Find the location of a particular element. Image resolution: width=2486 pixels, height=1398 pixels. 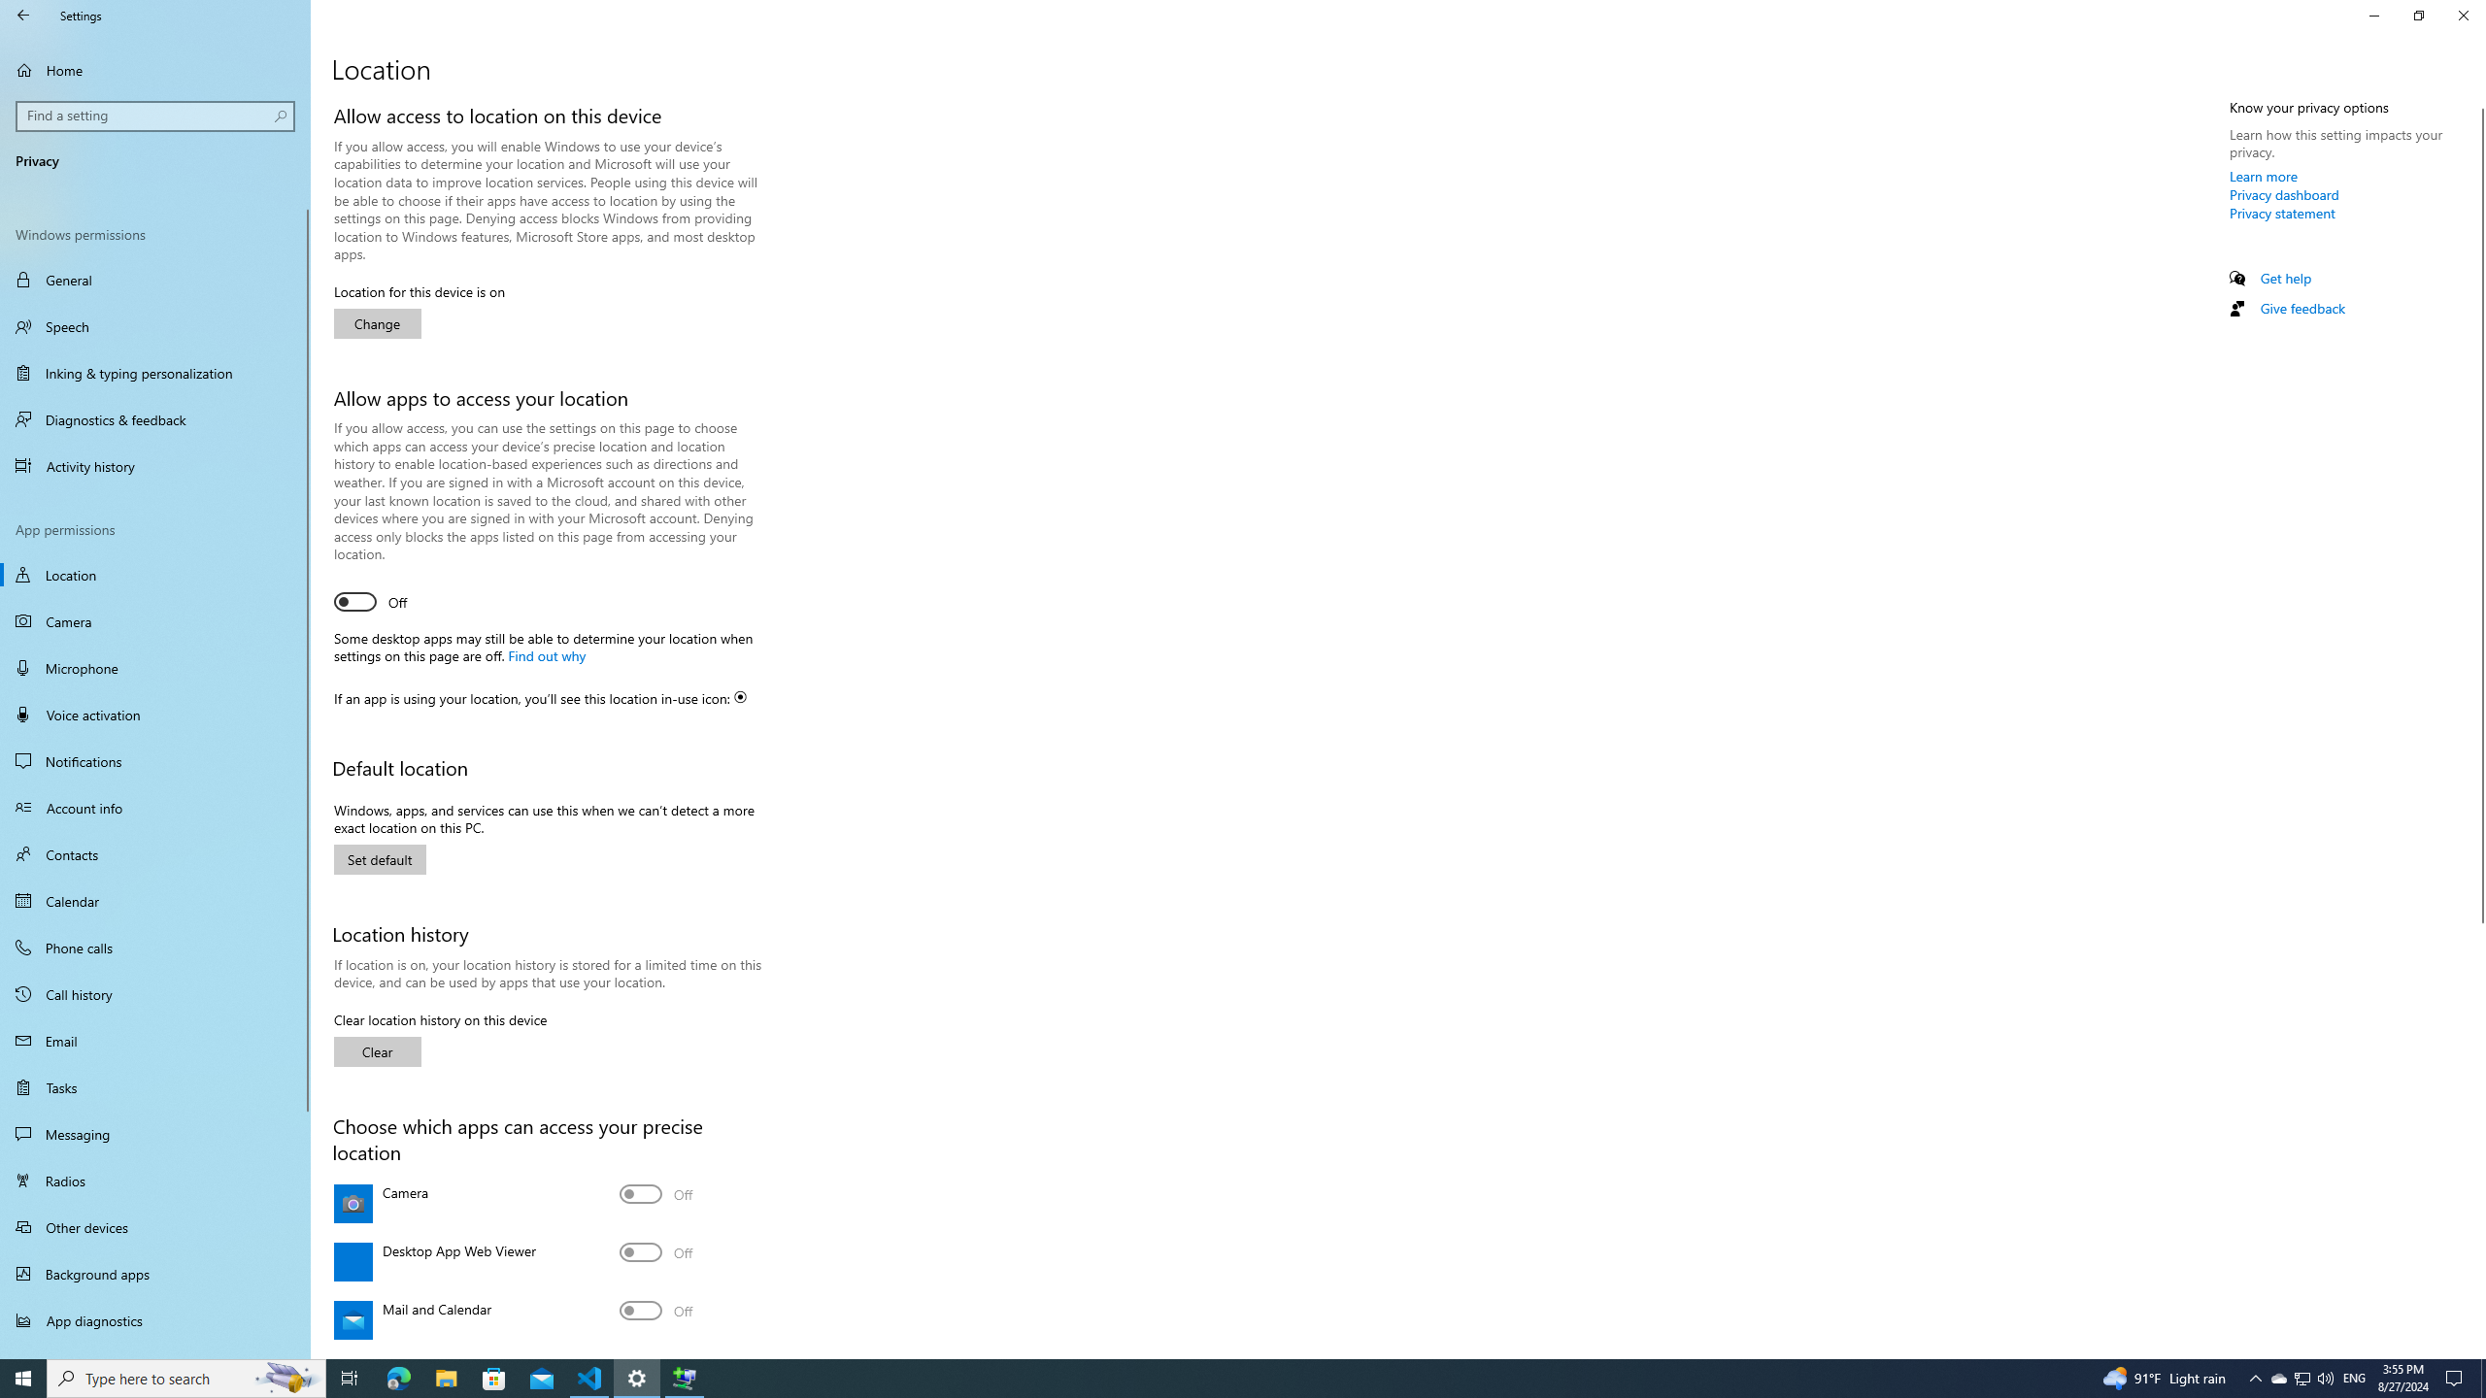

'Restore Settings' is located at coordinates (2418, 15).